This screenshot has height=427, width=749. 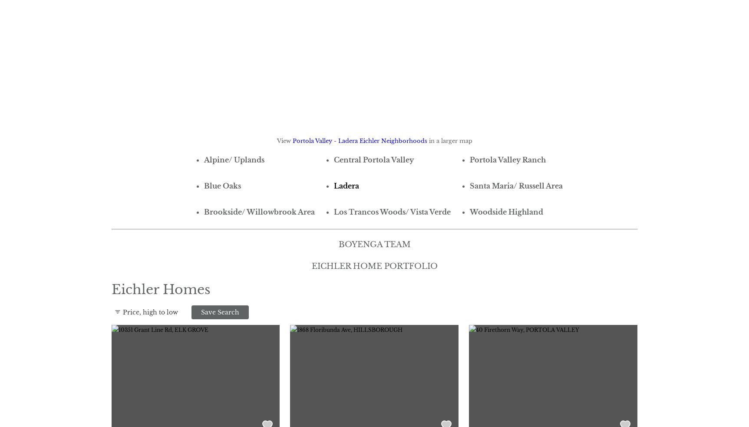 I want to click on 'Woodside Highland', so click(x=506, y=211).